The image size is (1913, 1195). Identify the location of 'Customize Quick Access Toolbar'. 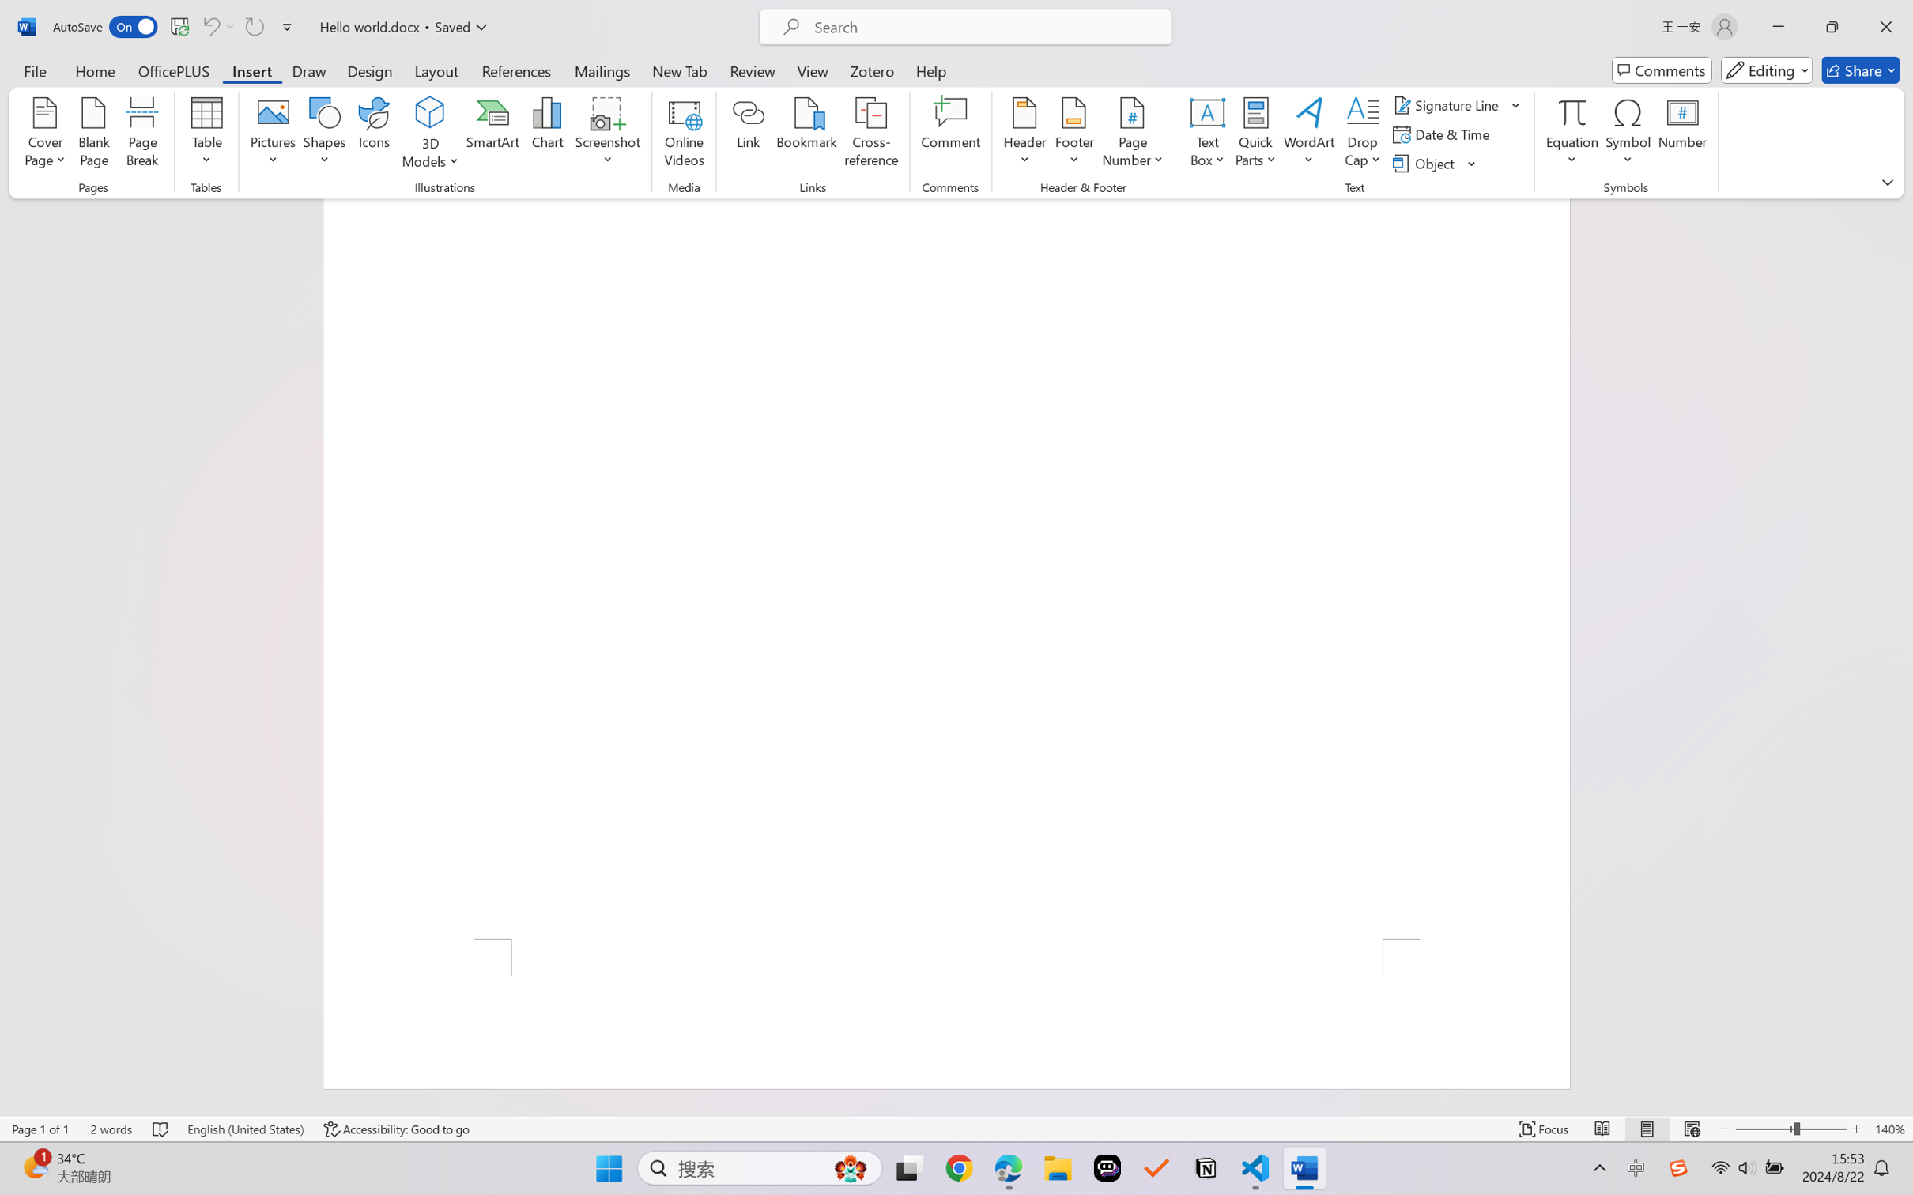
(287, 26).